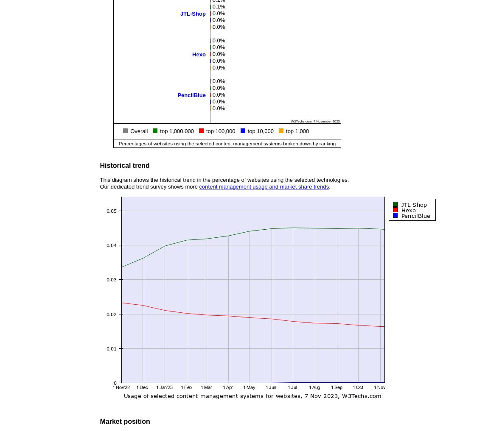  I want to click on 'Percentages of websites using the selected content management systems broken down by ranking', so click(227, 143).